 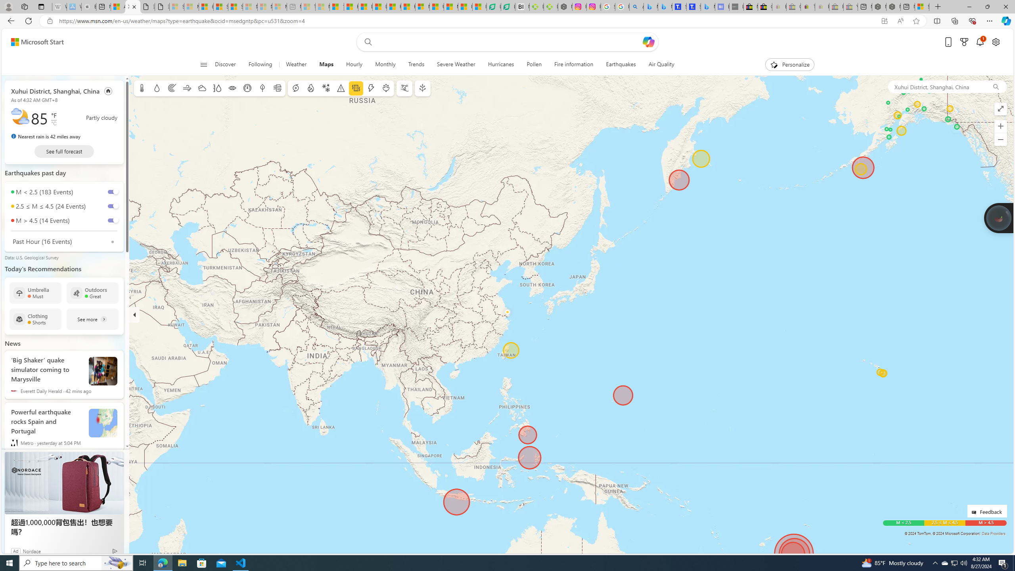 What do you see at coordinates (1000, 109) in the screenshot?
I see `'Enter full screen mode'` at bounding box center [1000, 109].